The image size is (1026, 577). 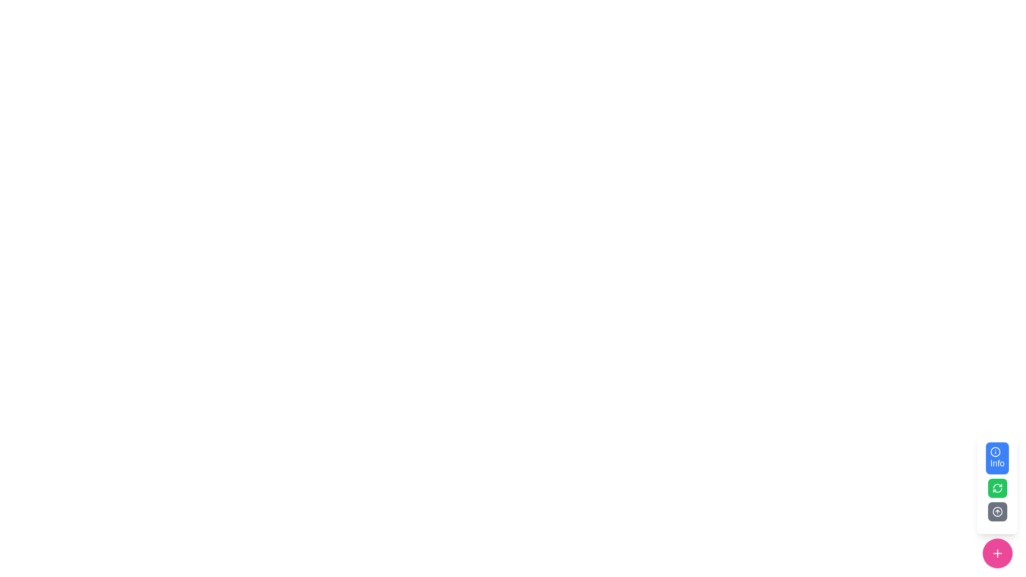 I want to click on the decorative circular graphical component within the 'Info' icon located at the bottom right corner of the interface, so click(x=995, y=451).